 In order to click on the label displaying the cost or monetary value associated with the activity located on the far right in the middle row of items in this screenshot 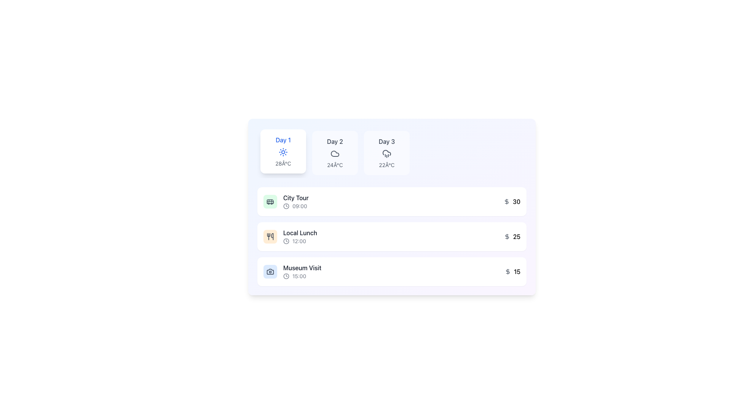, I will do `click(517, 236)`.